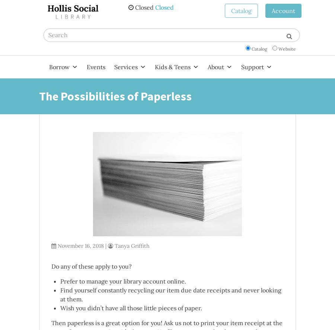  Describe the element at coordinates (249, 97) in the screenshot. I see `'Donate'` at that location.